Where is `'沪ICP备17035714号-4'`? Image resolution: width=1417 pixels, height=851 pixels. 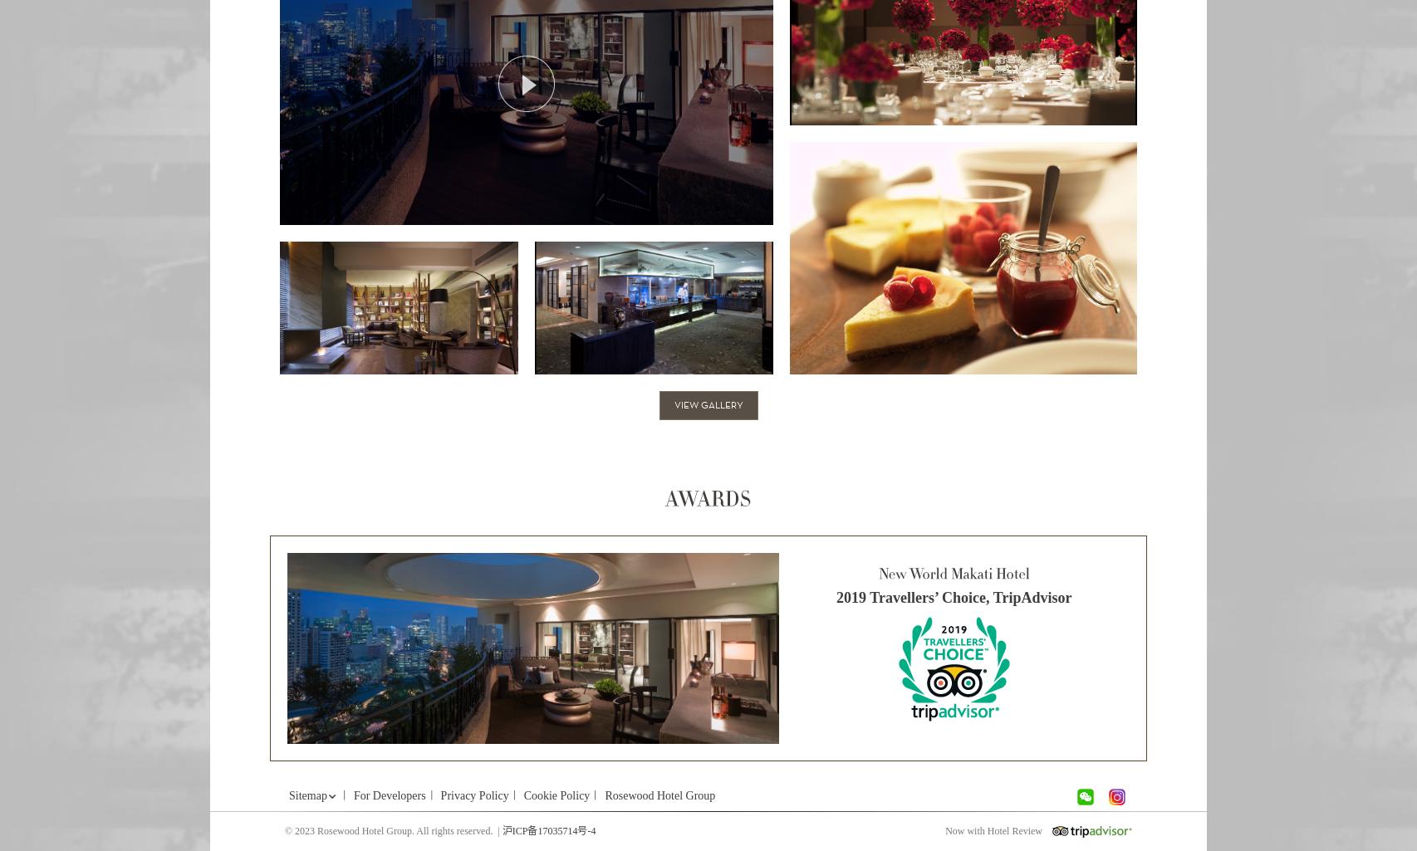 '沪ICP备17035714号-4' is located at coordinates (547, 830).